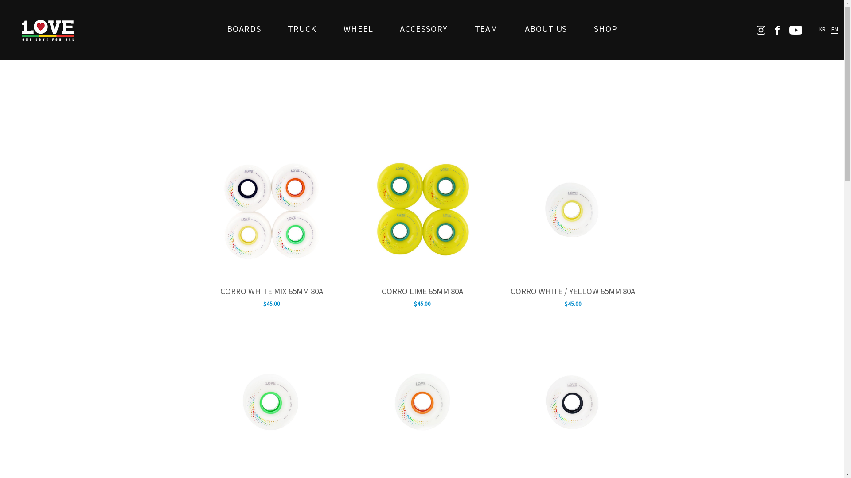 The width and height of the screenshot is (851, 478). What do you see at coordinates (834, 29) in the screenshot?
I see `'EN'` at bounding box center [834, 29].